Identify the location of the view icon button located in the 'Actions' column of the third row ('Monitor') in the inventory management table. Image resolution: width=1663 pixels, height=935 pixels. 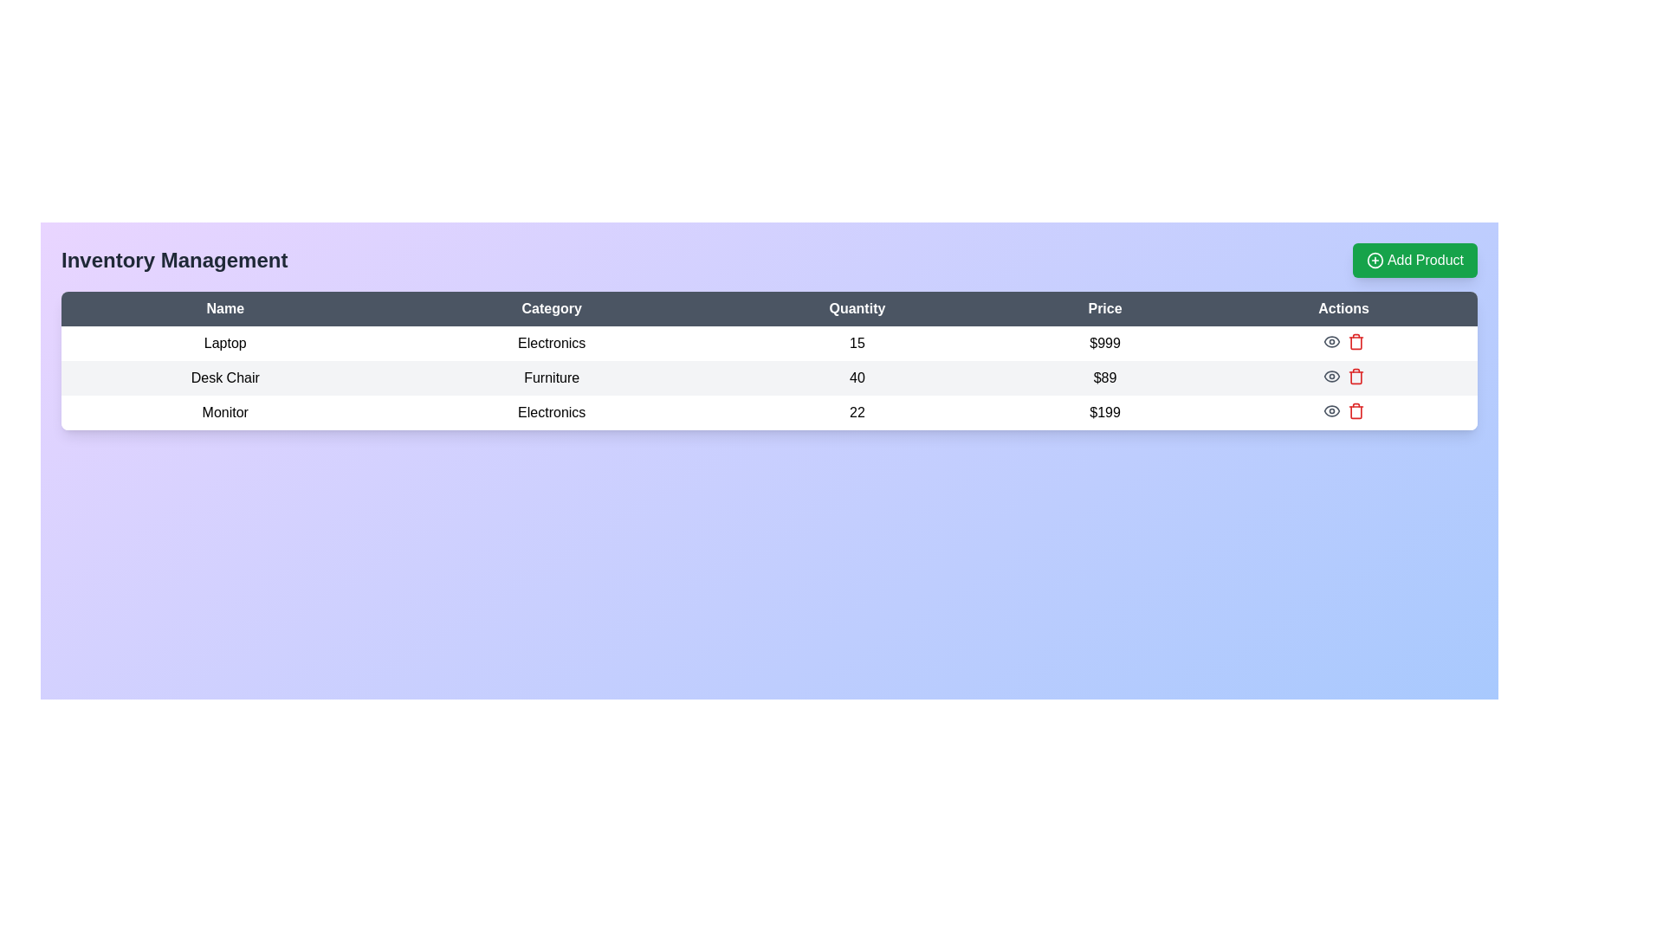
(1330, 410).